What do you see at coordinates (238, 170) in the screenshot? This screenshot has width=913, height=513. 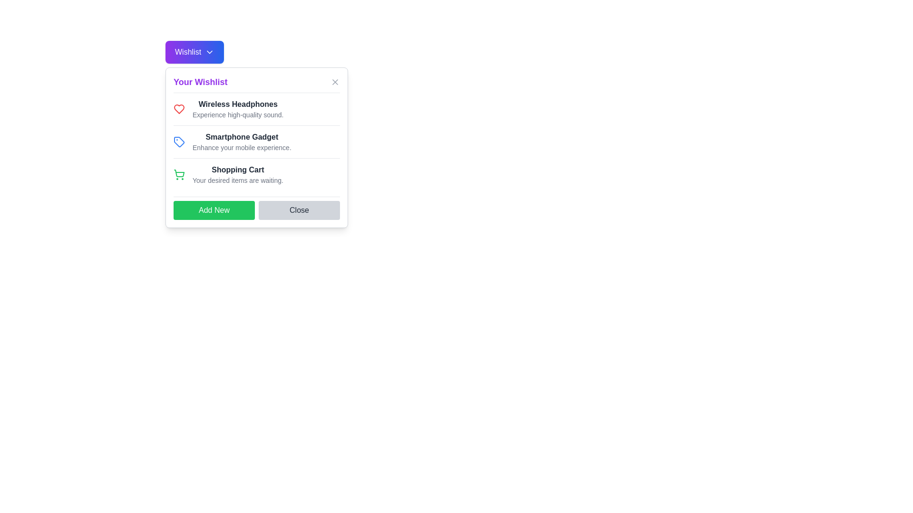 I see `the 'Shopping Cart' text label, which is styled in bold dark gray and serves as a header within a dialog box panel, positioned below the 'Smartphone Gadget' section` at bounding box center [238, 170].